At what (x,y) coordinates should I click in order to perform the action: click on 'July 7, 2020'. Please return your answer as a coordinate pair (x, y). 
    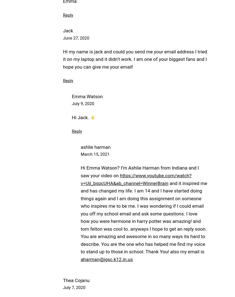
    Looking at the image, I should click on (63, 287).